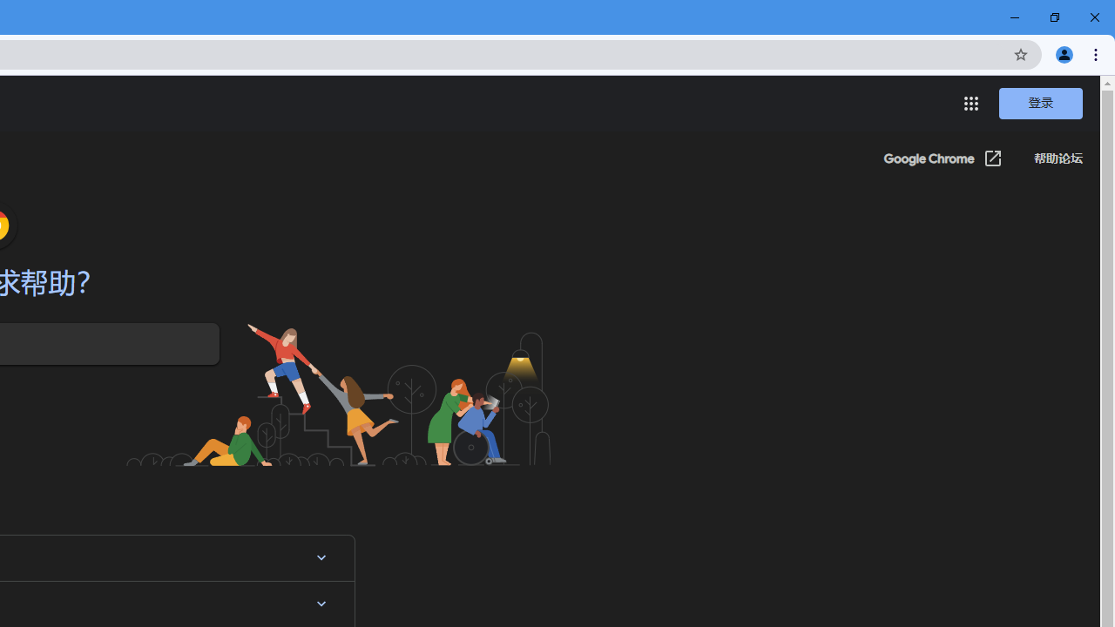 This screenshot has height=627, width=1115. I want to click on 'Restore', so click(1053, 17).